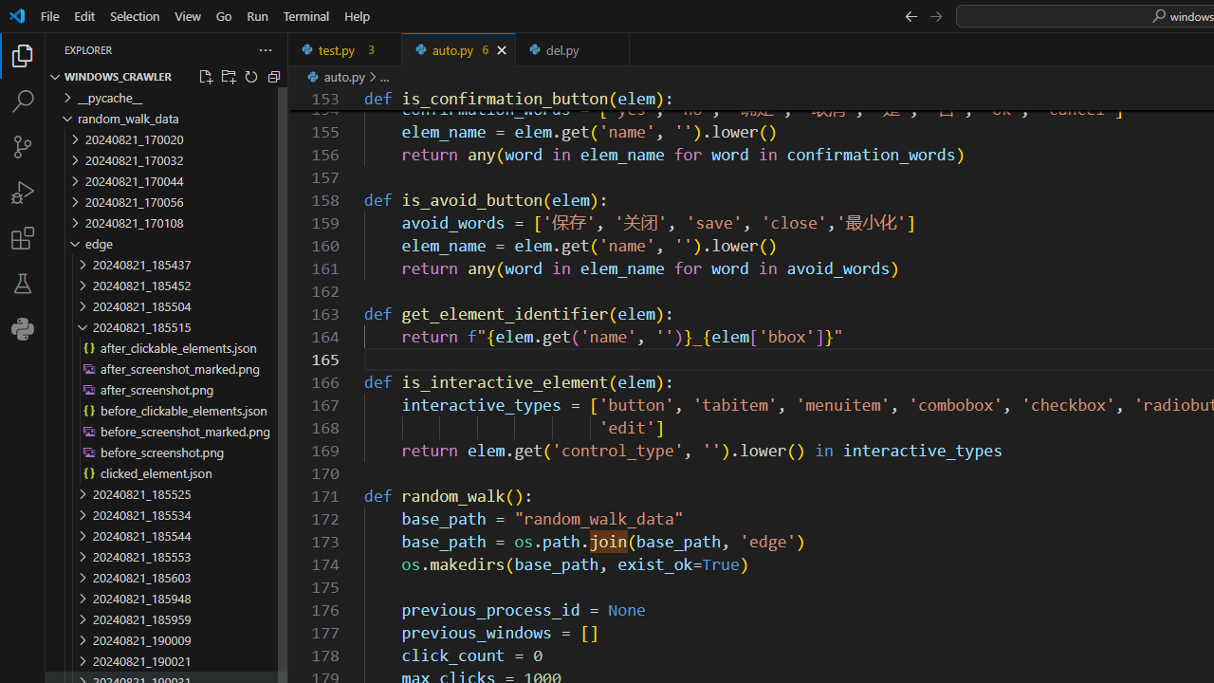 This screenshot has height=683, width=1214. Describe the element at coordinates (458, 48) in the screenshot. I see `'auto.py'` at that location.